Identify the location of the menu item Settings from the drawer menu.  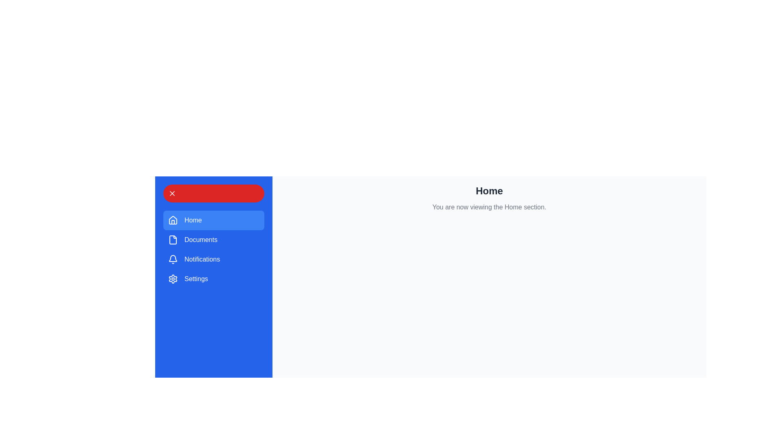
(213, 279).